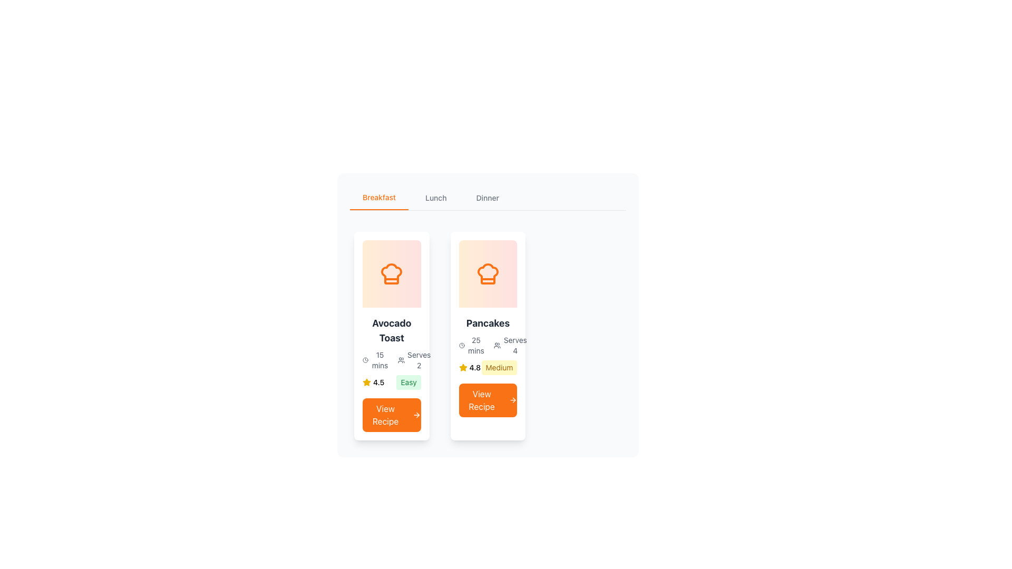 This screenshot has width=1012, height=569. What do you see at coordinates (373, 382) in the screenshot?
I see `the star icon indicating the rating of 'Avocado Toast', which displays a numerical rating of 4.5 out of 5, located in the top-left part of the card above the 'View Recipe' button` at bounding box center [373, 382].